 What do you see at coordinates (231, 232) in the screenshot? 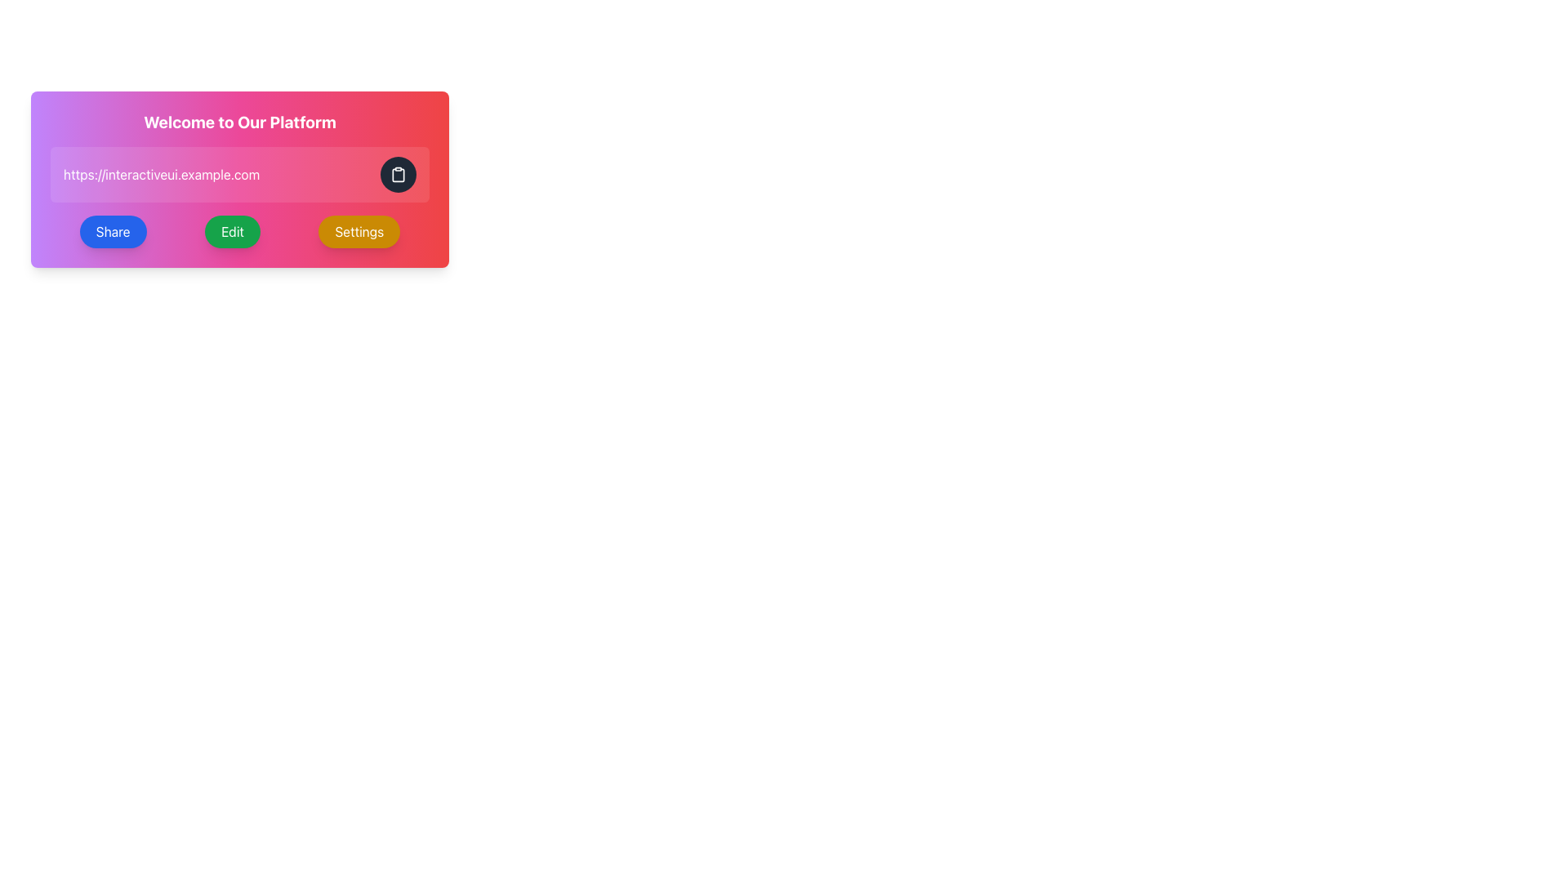
I see `the green 'Edit' button with rounded corners and white text located between the blue 'Share' button and the yellow 'Settings' button` at bounding box center [231, 232].